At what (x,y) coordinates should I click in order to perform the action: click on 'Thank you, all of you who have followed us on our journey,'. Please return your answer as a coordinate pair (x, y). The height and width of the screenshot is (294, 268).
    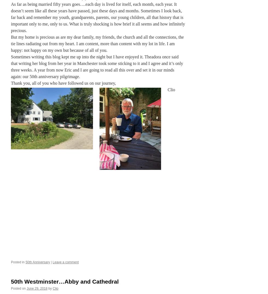
    Looking at the image, I should click on (63, 83).